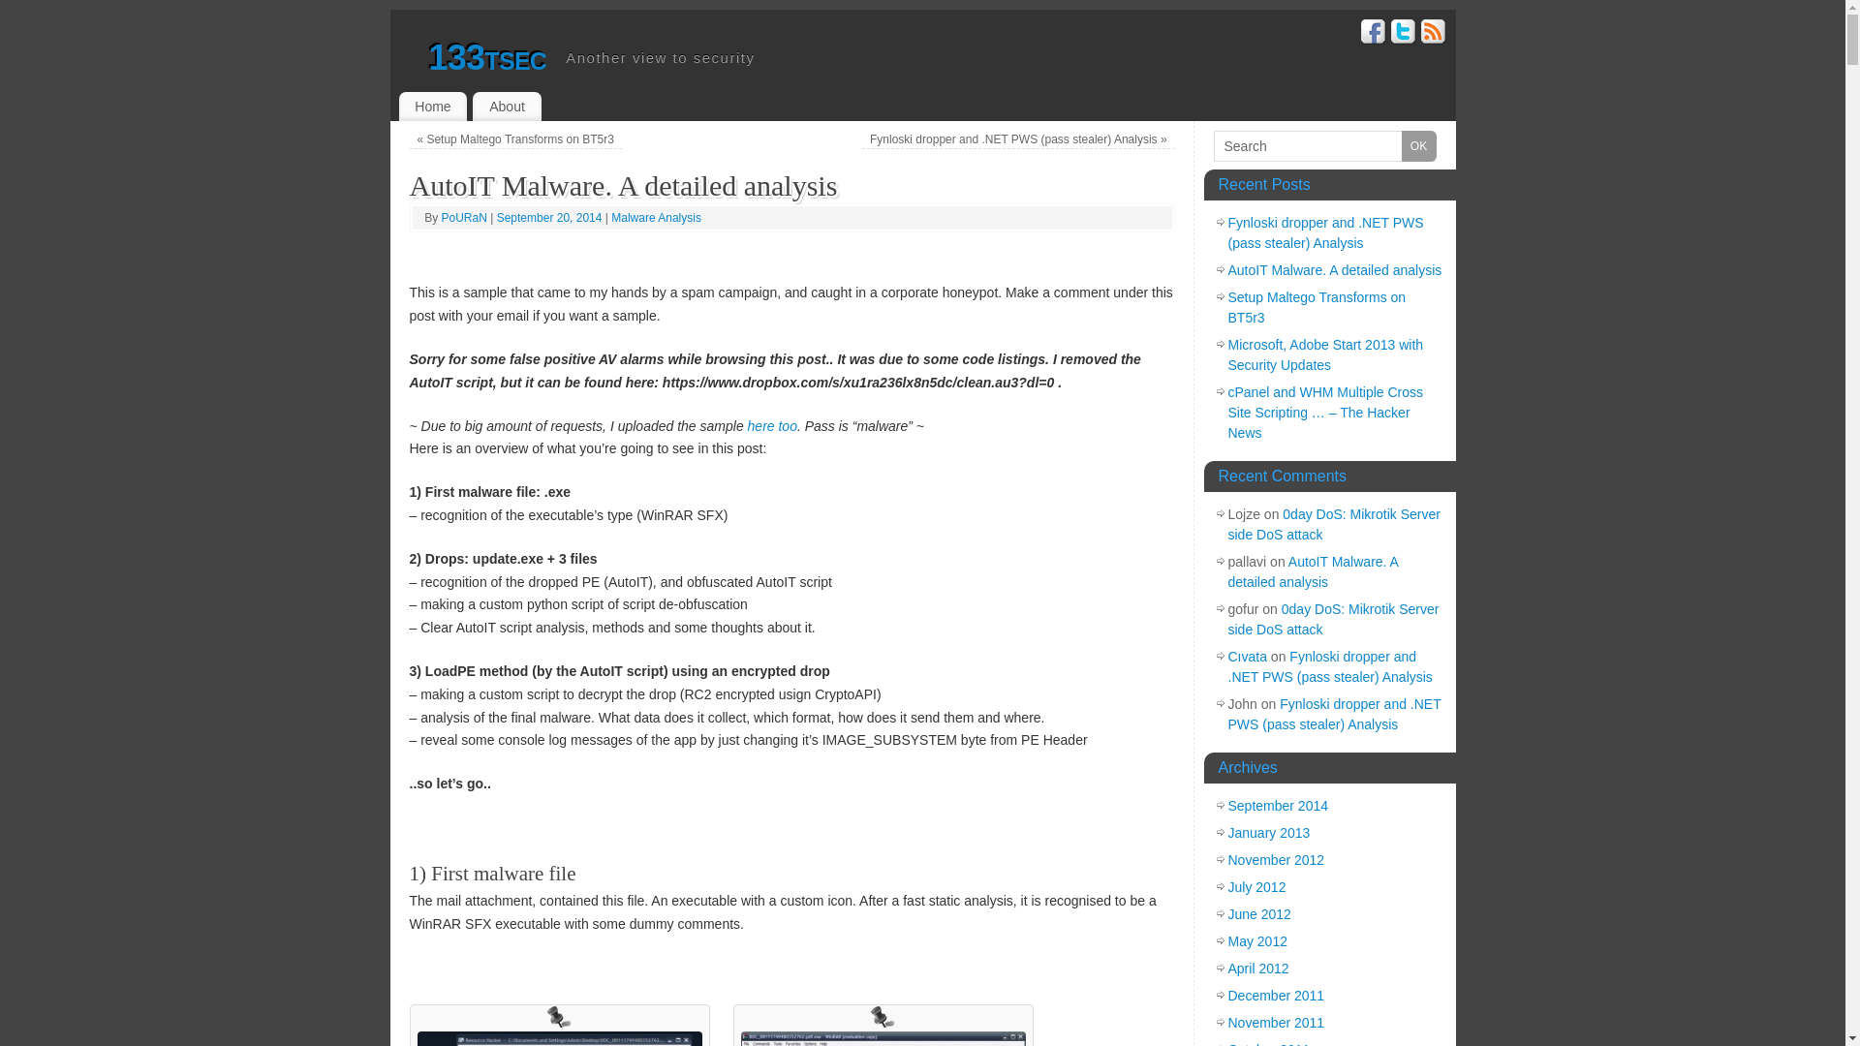  I want to click on 'here too', so click(771, 424).